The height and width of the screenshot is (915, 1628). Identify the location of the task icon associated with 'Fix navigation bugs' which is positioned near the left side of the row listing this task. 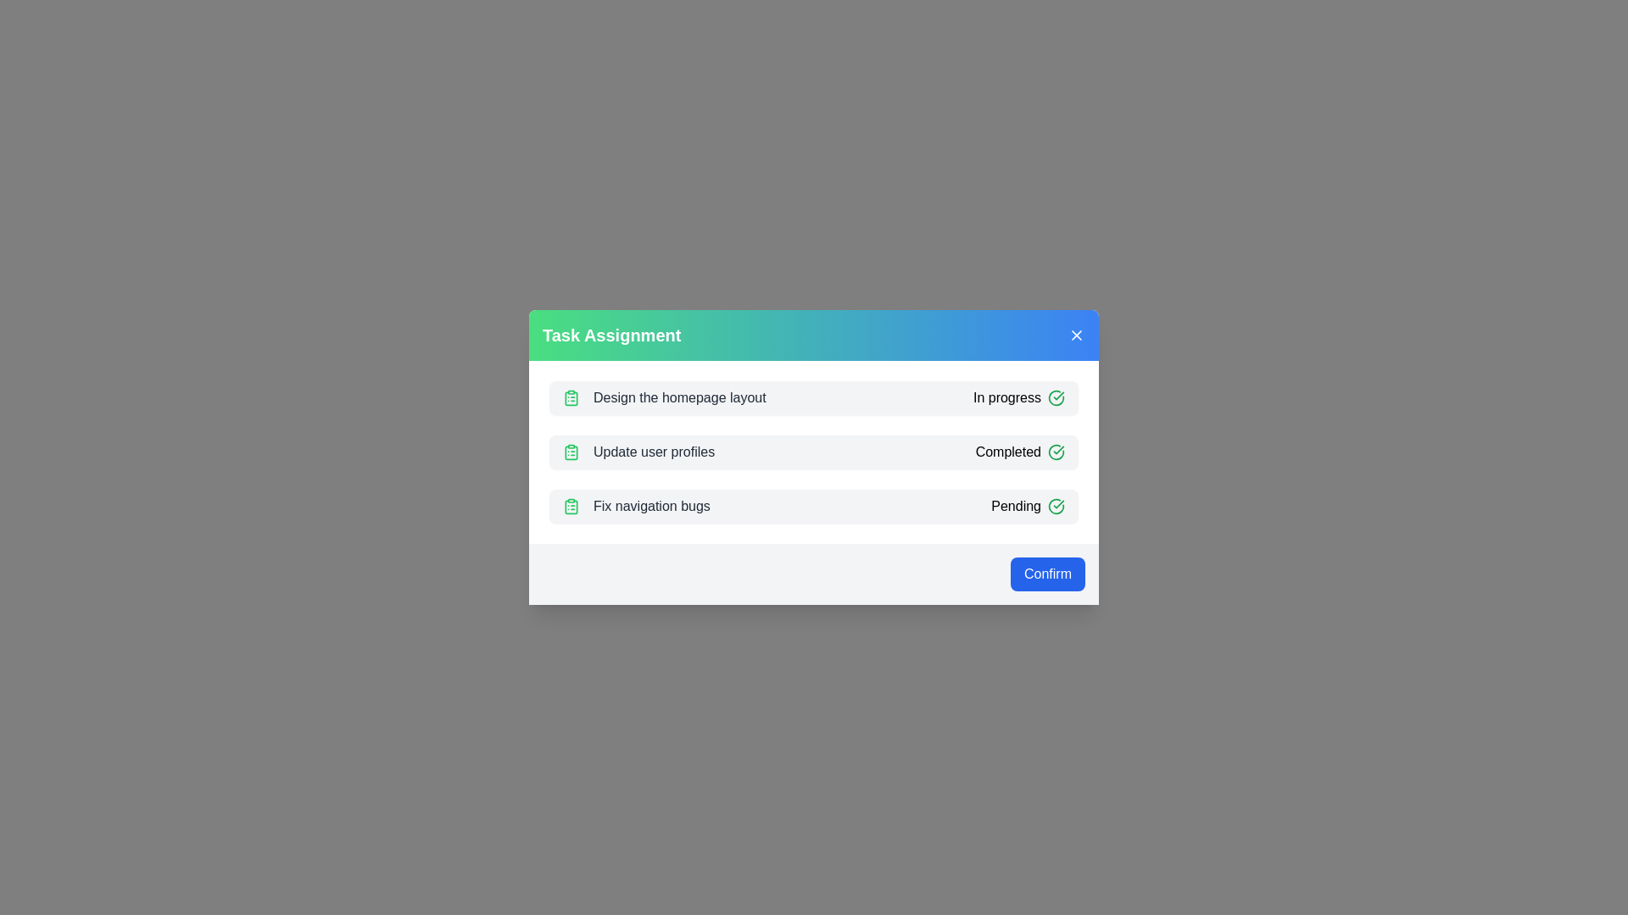
(571, 505).